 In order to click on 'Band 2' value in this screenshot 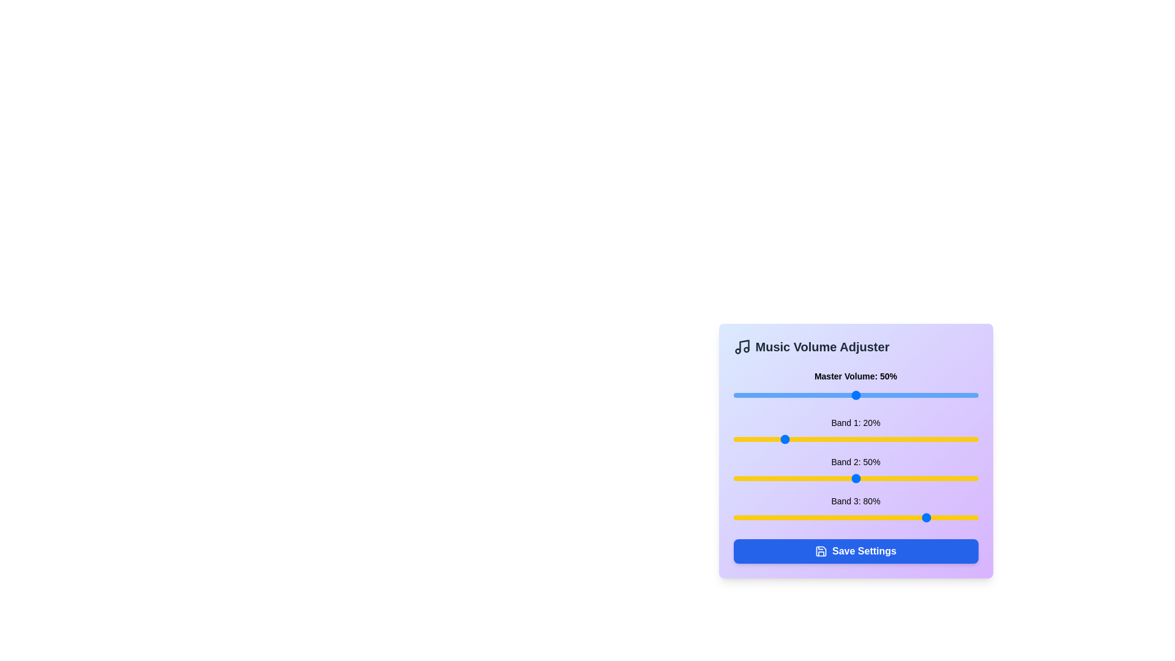, I will do `click(892, 478)`.